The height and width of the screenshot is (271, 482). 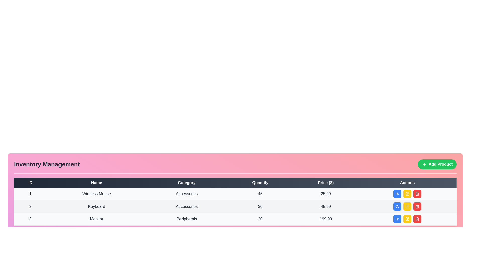 I want to click on the first action button in the 'Actions' column of the first row in the data table, so click(x=397, y=193).